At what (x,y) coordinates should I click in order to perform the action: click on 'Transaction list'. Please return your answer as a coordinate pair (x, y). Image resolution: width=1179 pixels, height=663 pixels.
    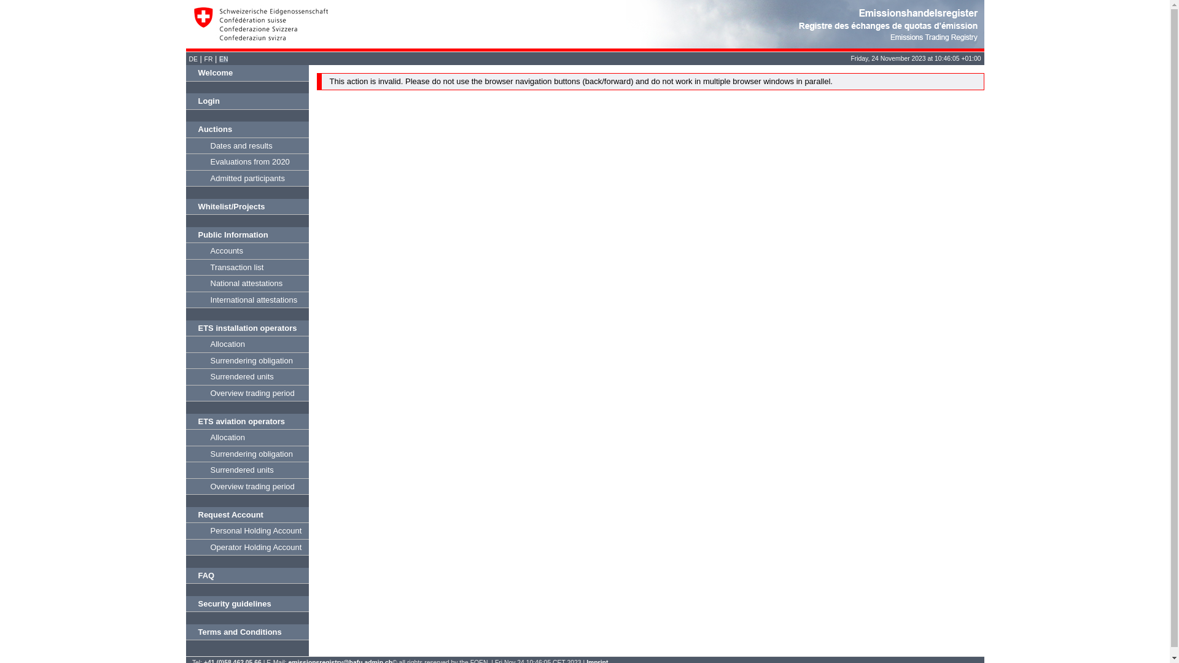
    Looking at the image, I should click on (246, 266).